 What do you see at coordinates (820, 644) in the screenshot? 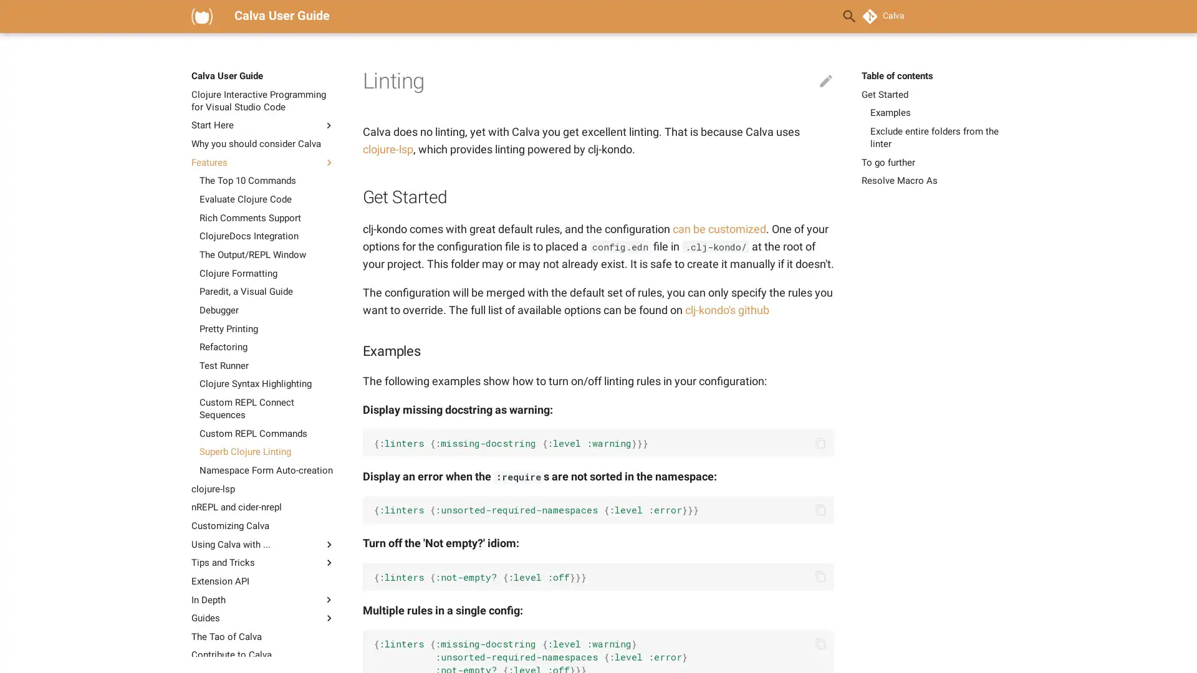
I see `Copy to clipboard` at bounding box center [820, 644].